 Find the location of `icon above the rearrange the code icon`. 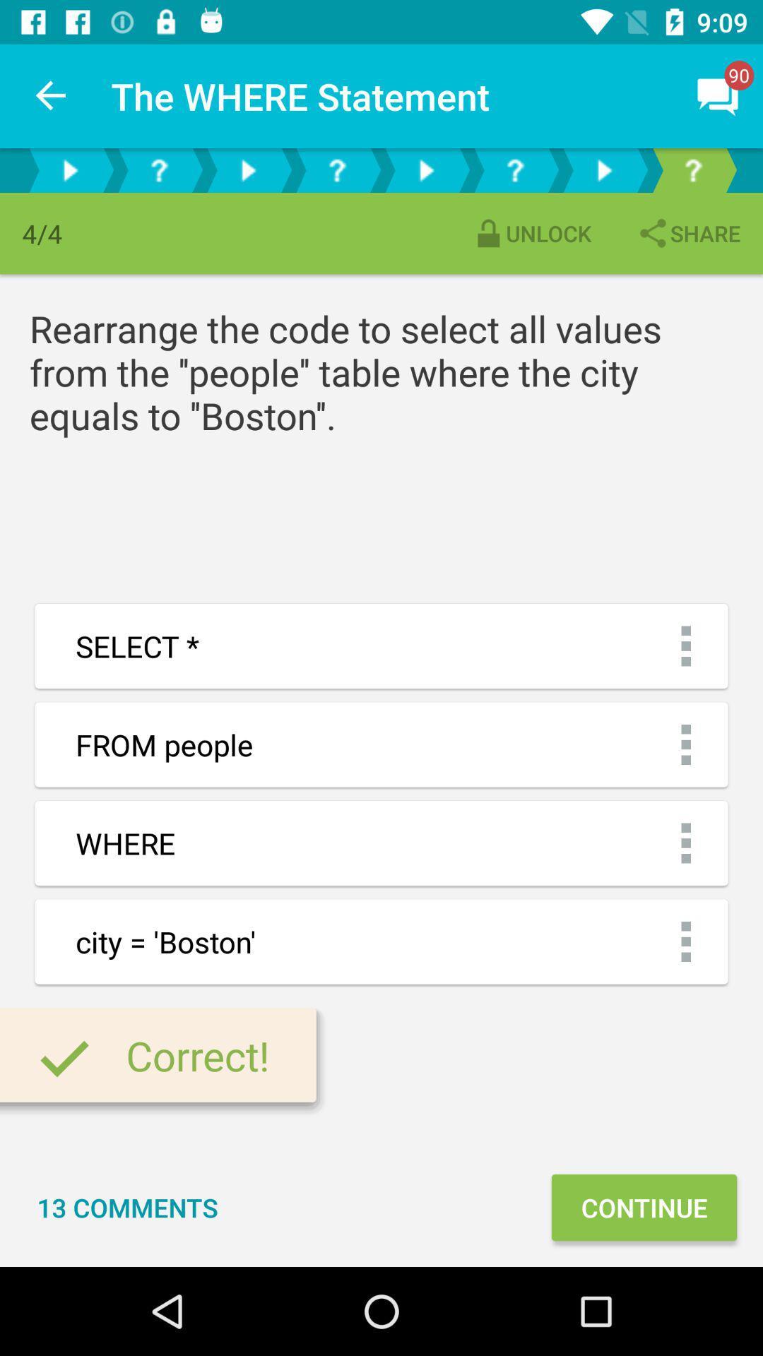

icon above the rearrange the code icon is located at coordinates (687, 233).